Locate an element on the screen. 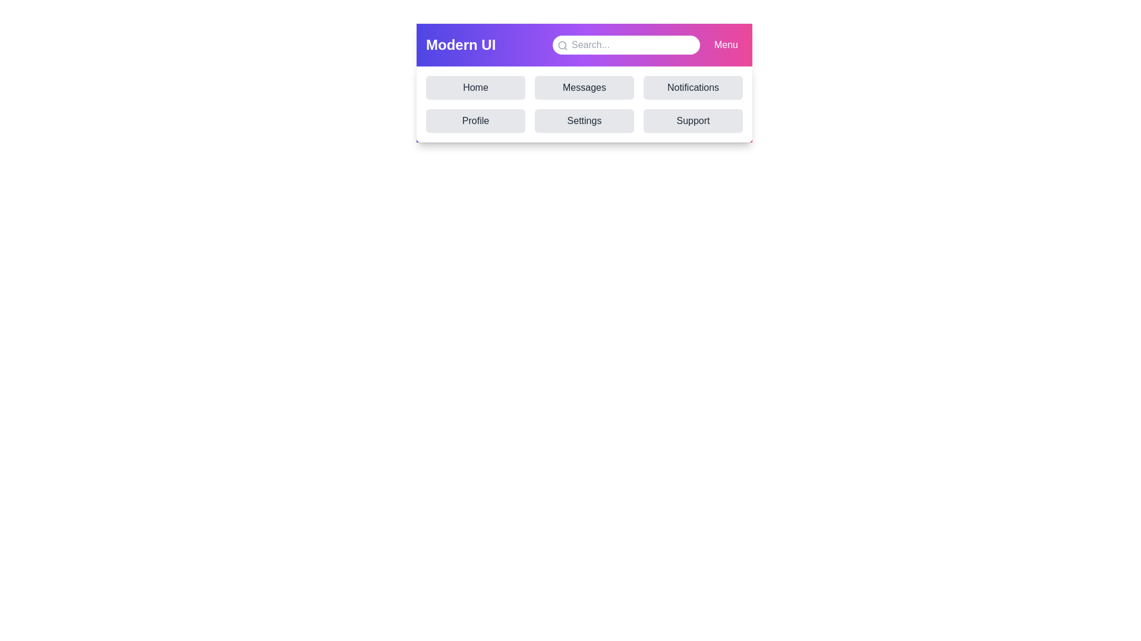 This screenshot has height=641, width=1141. the navigation item Settings to simulate navigation is located at coordinates (584, 121).